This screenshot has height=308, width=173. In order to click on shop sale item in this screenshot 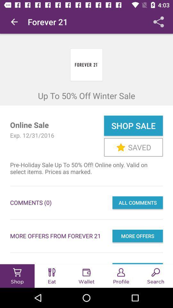, I will do `click(133, 125)`.